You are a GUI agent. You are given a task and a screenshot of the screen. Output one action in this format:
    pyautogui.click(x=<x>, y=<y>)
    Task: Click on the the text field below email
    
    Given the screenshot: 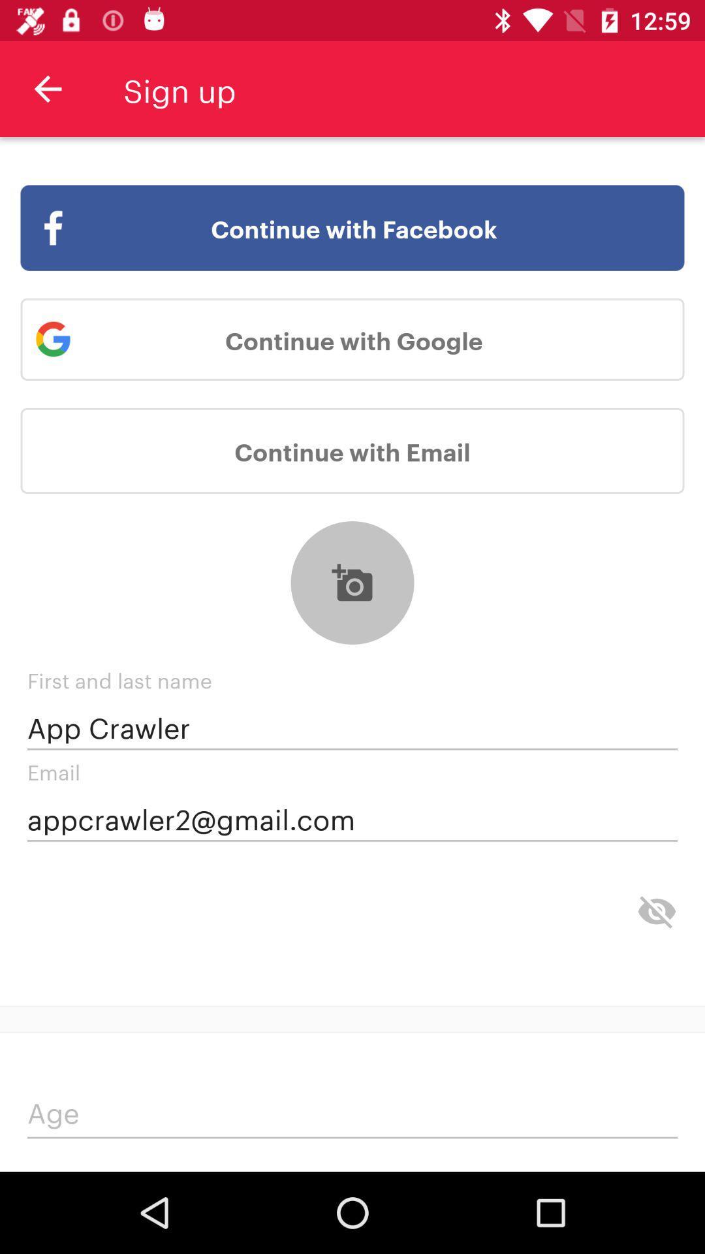 What is the action you would take?
    pyautogui.click(x=352, y=818)
    